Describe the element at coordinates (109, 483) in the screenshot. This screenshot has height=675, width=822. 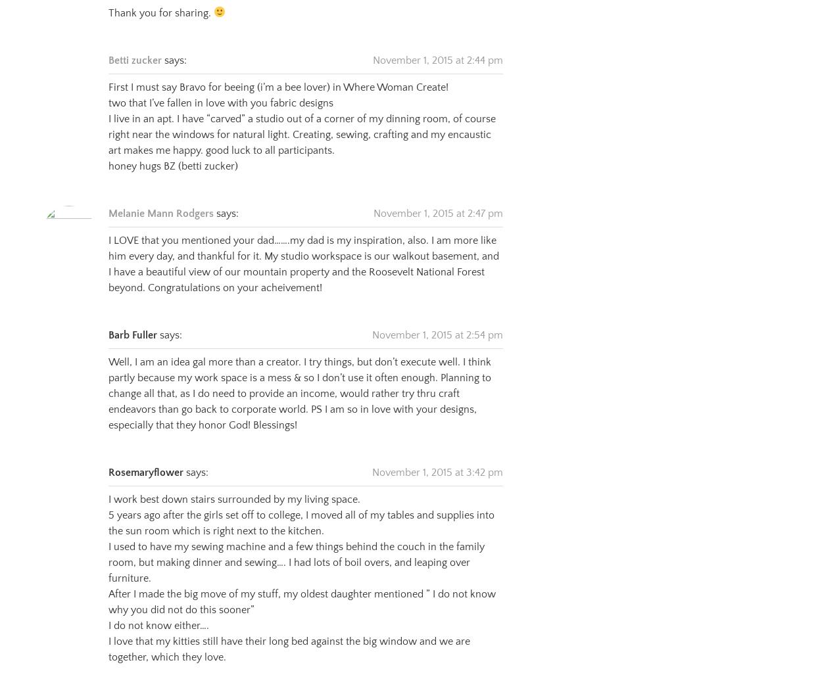
I see `'I work best down stairs surrounded by my living space.'` at that location.